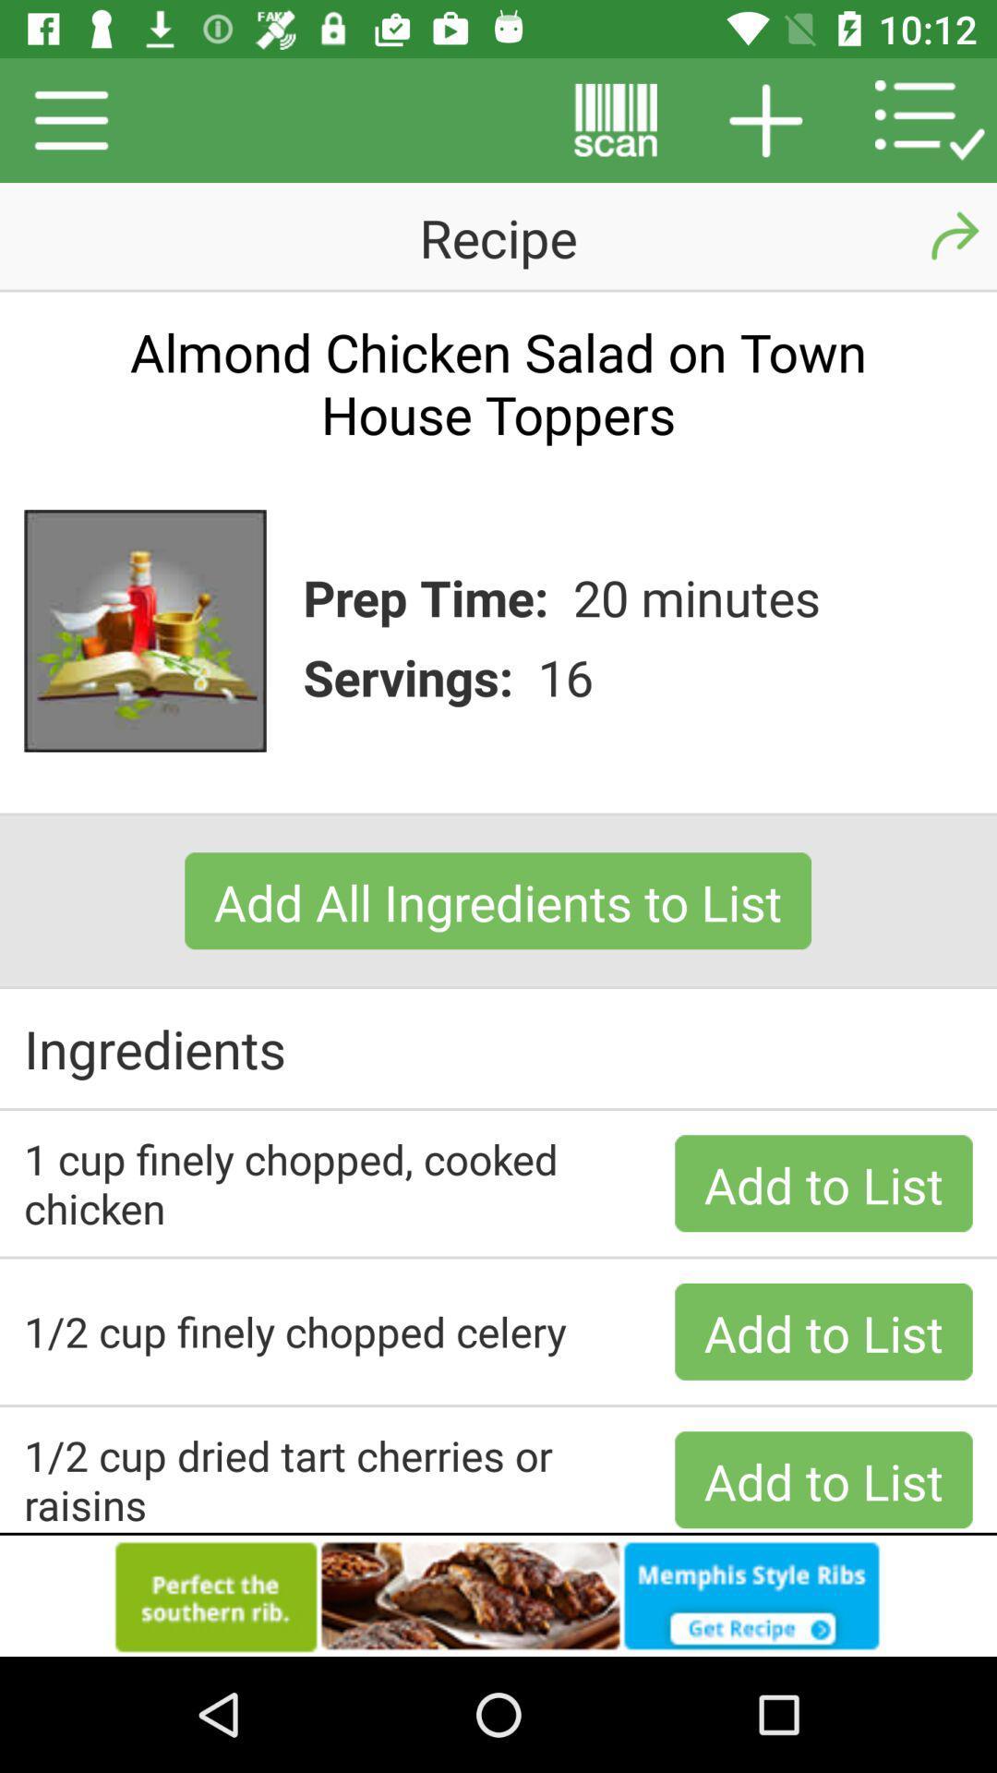 The width and height of the screenshot is (997, 1773). What do you see at coordinates (930, 119) in the screenshot?
I see `the icon right to  at the top right corner of the page` at bounding box center [930, 119].